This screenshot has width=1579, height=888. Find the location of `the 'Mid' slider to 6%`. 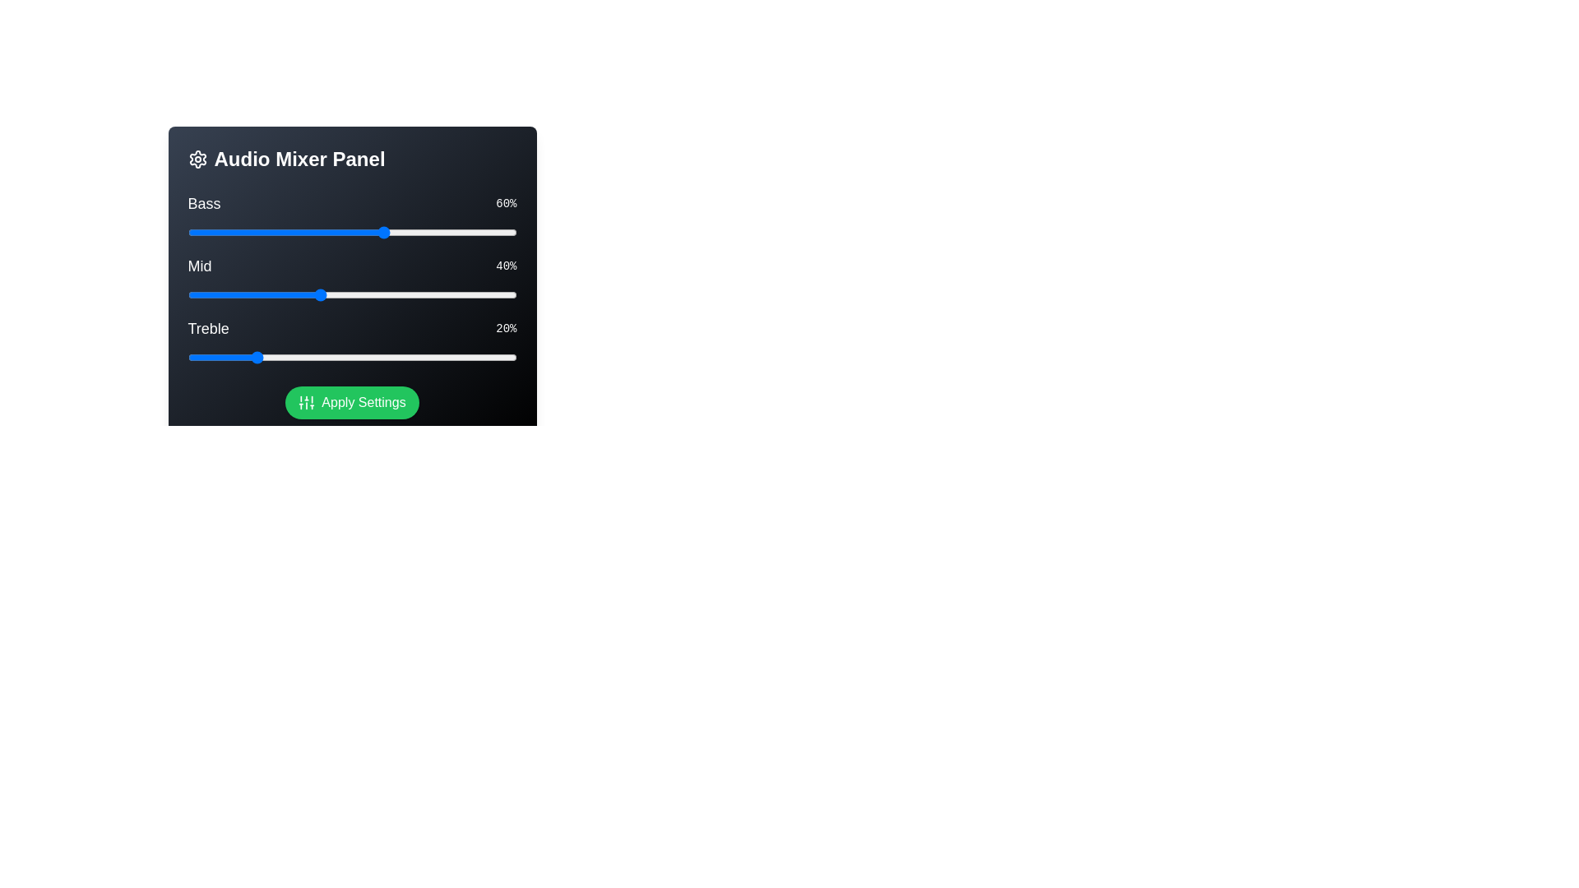

the 'Mid' slider to 6% is located at coordinates (206, 294).